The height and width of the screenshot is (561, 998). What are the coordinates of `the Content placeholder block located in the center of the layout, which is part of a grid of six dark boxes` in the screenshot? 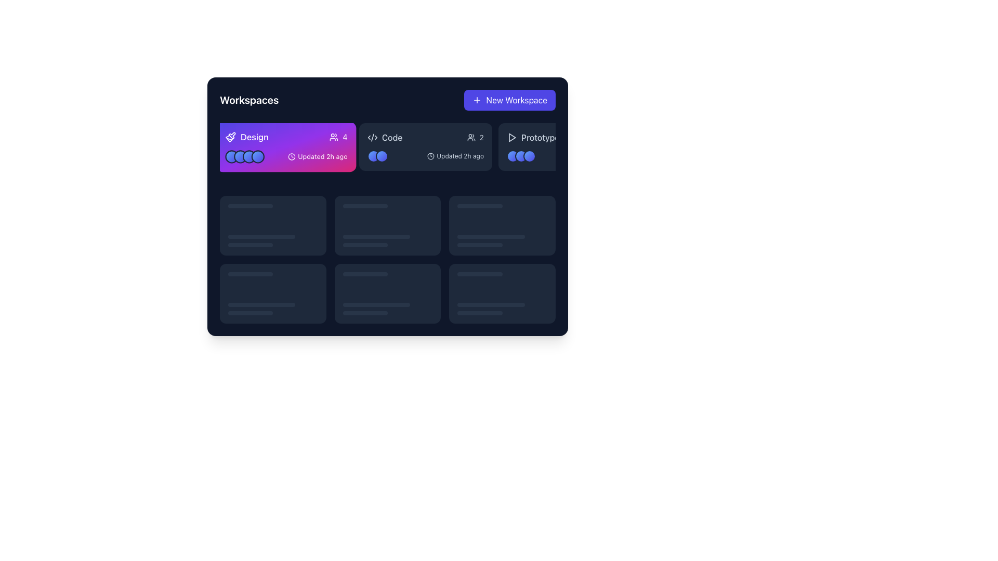 It's located at (387, 206).